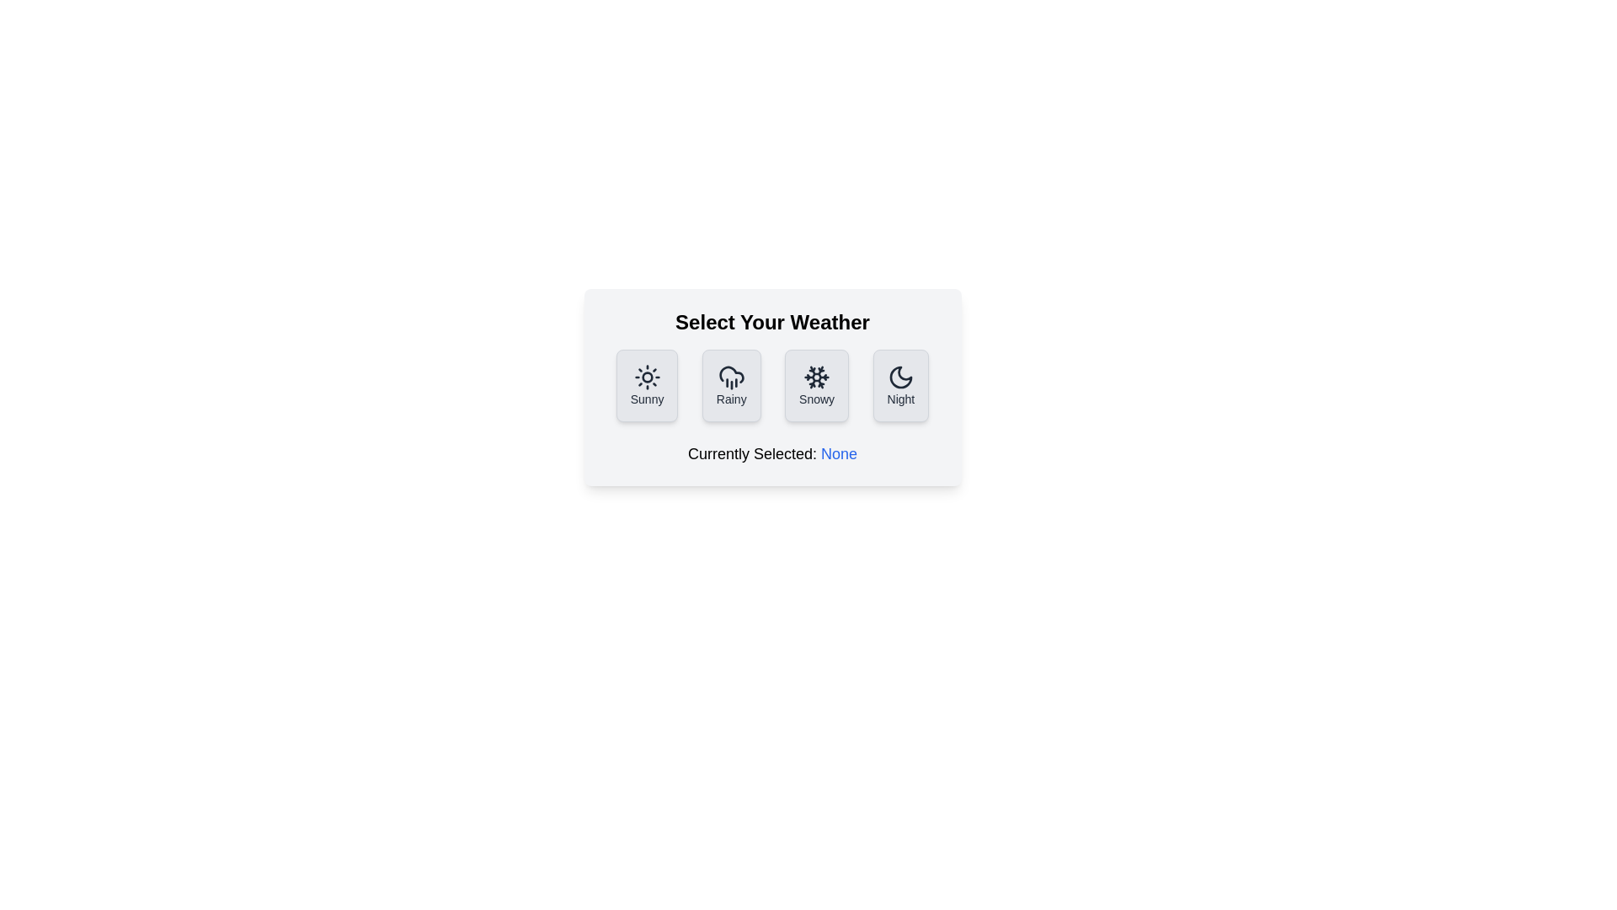 The width and height of the screenshot is (1617, 910). Describe the element at coordinates (817, 386) in the screenshot. I see `the 'Snowy' weather selection button using tab navigation` at that location.